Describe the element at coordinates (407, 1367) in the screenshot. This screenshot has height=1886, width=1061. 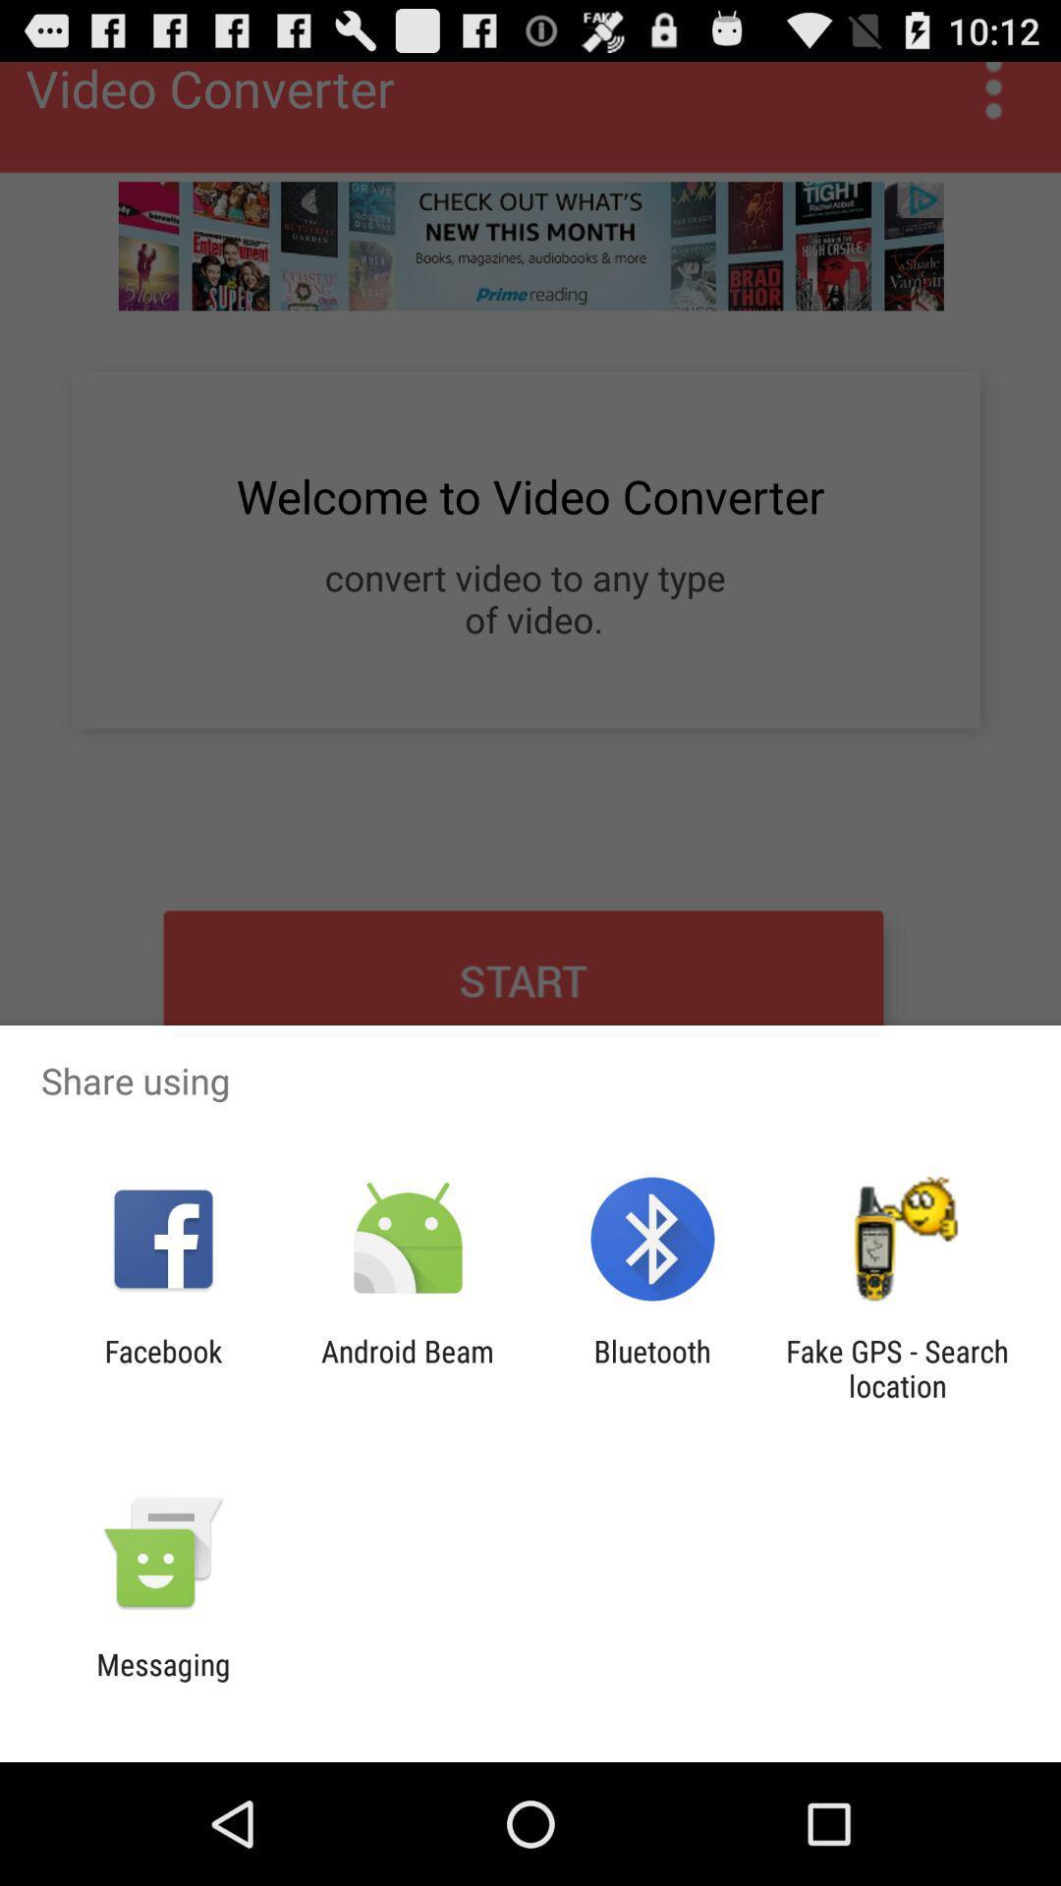
I see `icon to the left of the bluetooth item` at that location.